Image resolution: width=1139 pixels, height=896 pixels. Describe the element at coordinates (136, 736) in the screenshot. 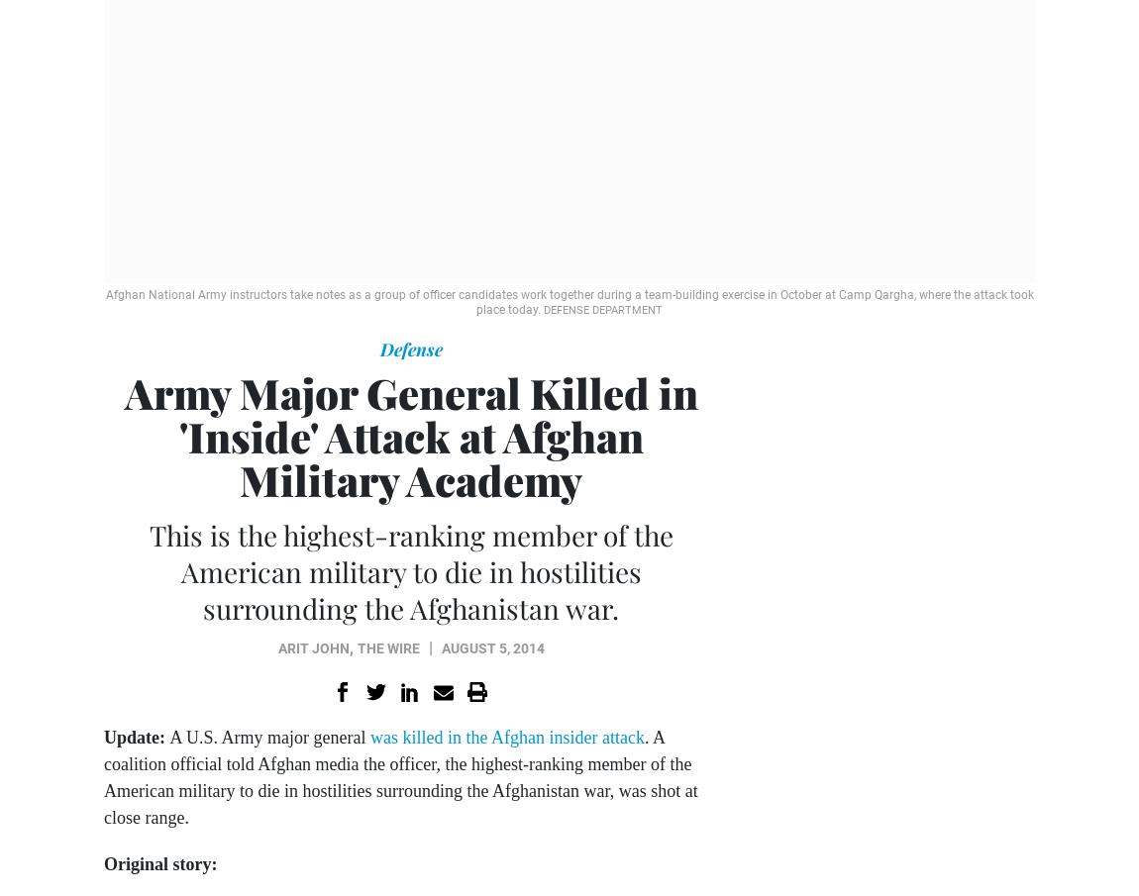

I see `'Update:'` at that location.